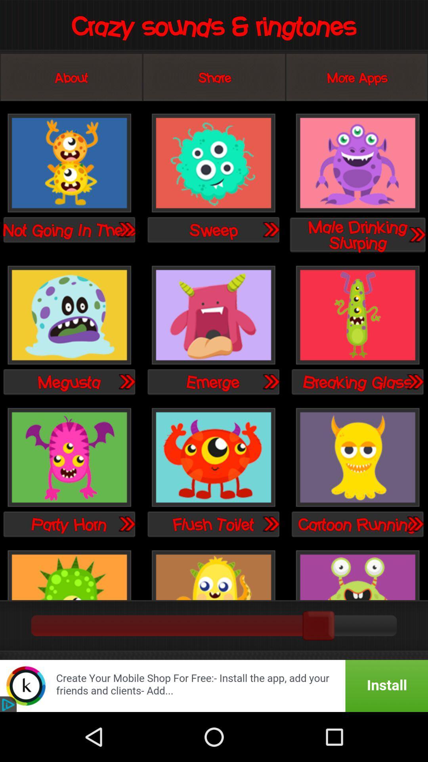  I want to click on display picture, so click(357, 574).